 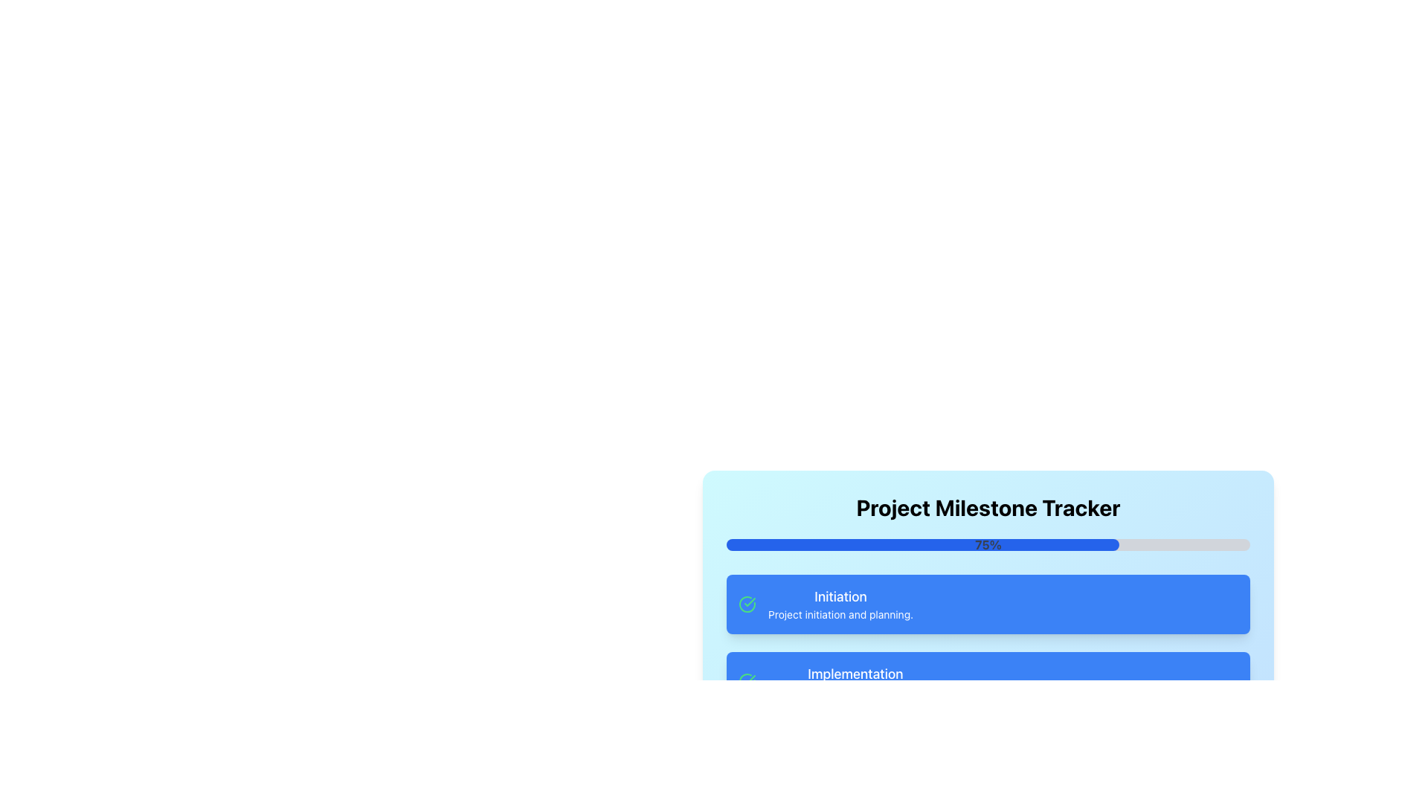 What do you see at coordinates (855, 682) in the screenshot?
I see `text from the 'Implementation' phase label, which is the second text block in the project tracker beneath the 'Initiation' block` at bounding box center [855, 682].